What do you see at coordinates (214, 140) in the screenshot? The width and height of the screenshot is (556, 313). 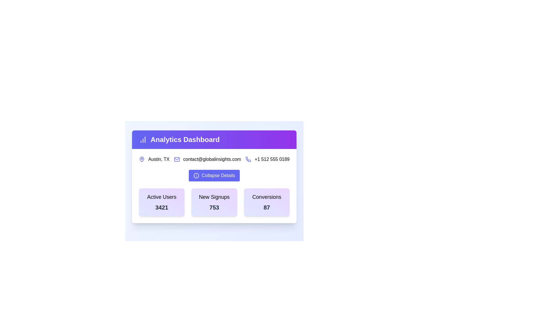 I see `the Header or Title Banner that serves as the title for the analytics dashboard, located at the top of the visible content area` at bounding box center [214, 140].